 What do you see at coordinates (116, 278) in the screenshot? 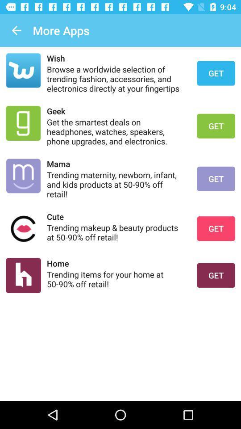
I see `icon below home` at bounding box center [116, 278].